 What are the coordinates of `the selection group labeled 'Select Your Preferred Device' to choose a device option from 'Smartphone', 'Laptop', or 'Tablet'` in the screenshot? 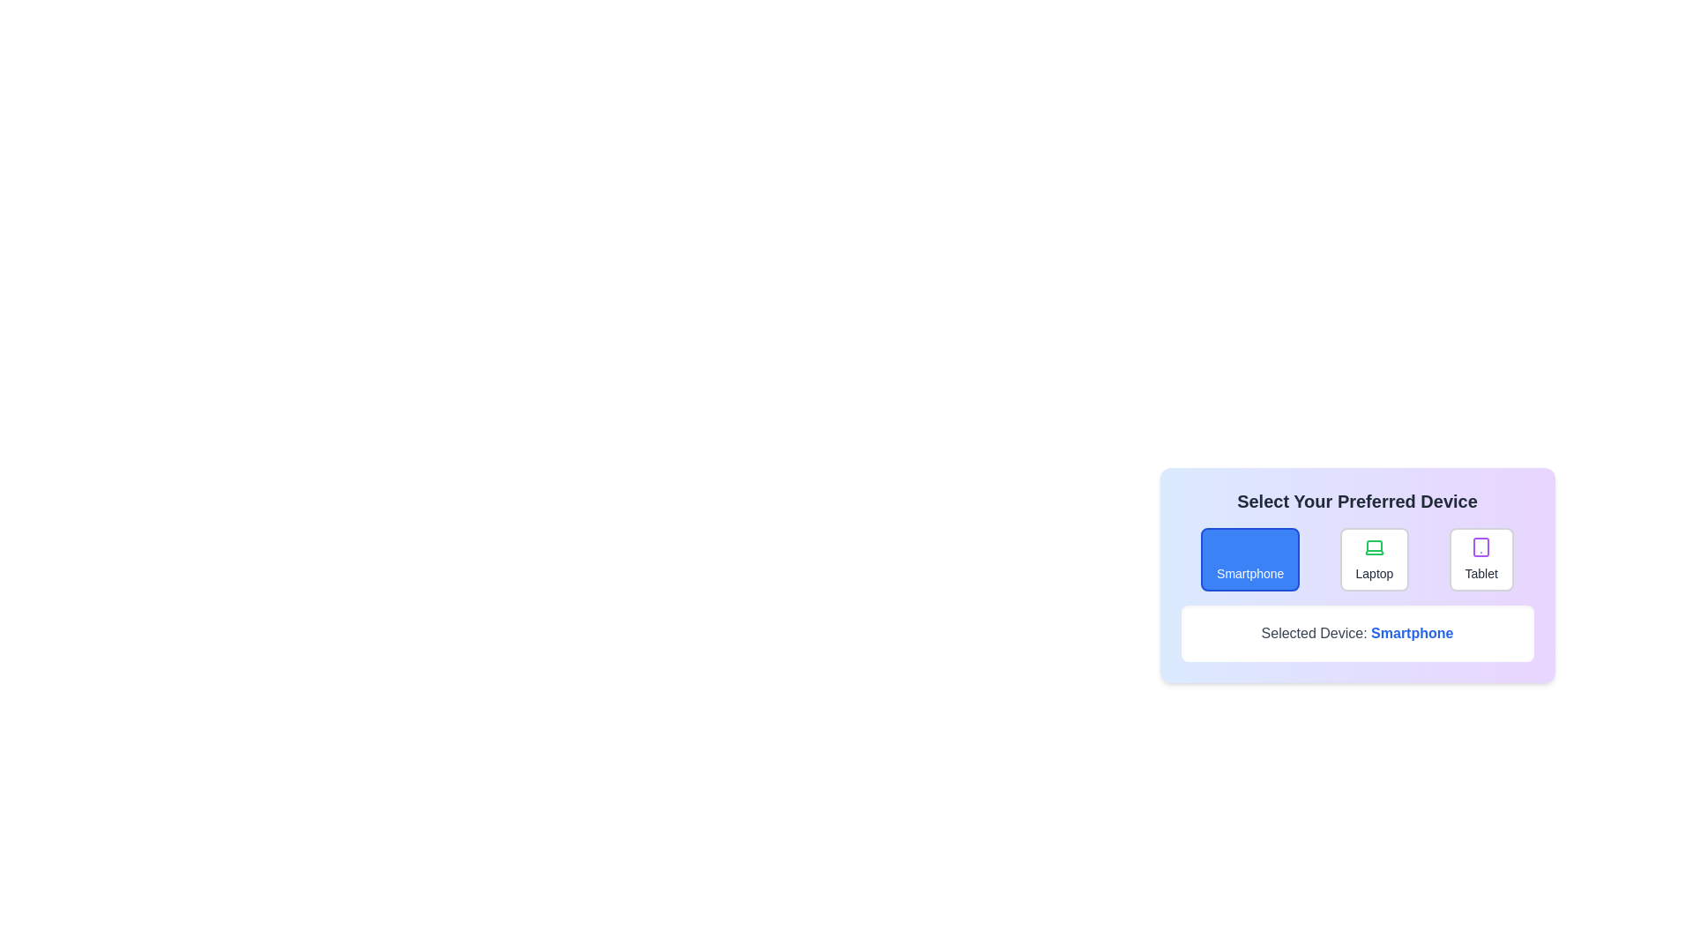 It's located at (1356, 575).